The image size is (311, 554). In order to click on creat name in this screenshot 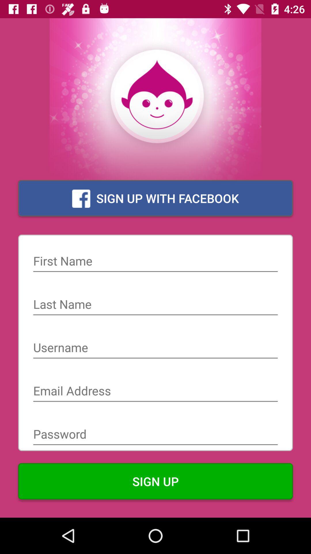, I will do `click(155, 348)`.